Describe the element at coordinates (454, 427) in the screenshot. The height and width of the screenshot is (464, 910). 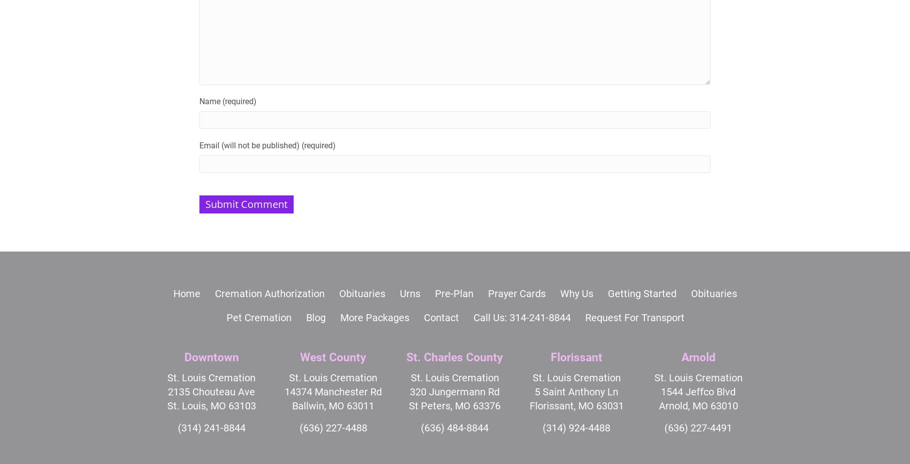
I see `'(636) 484-8844'` at that location.